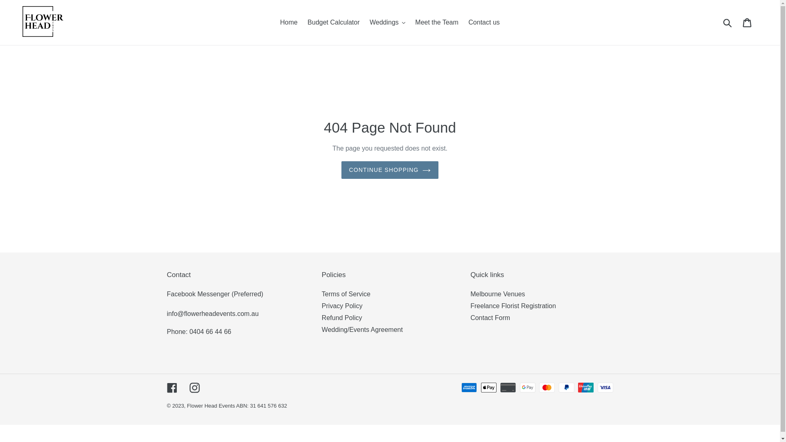 The height and width of the screenshot is (442, 786). What do you see at coordinates (361, 329) in the screenshot?
I see `'Wedding/Events Agreement'` at bounding box center [361, 329].